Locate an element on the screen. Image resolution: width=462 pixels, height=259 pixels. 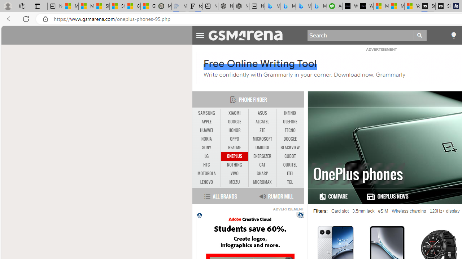
'Microsoft Bing Travel - Stays in Bangkok, Bangkok, Thailand' is located at coordinates (288, 6).